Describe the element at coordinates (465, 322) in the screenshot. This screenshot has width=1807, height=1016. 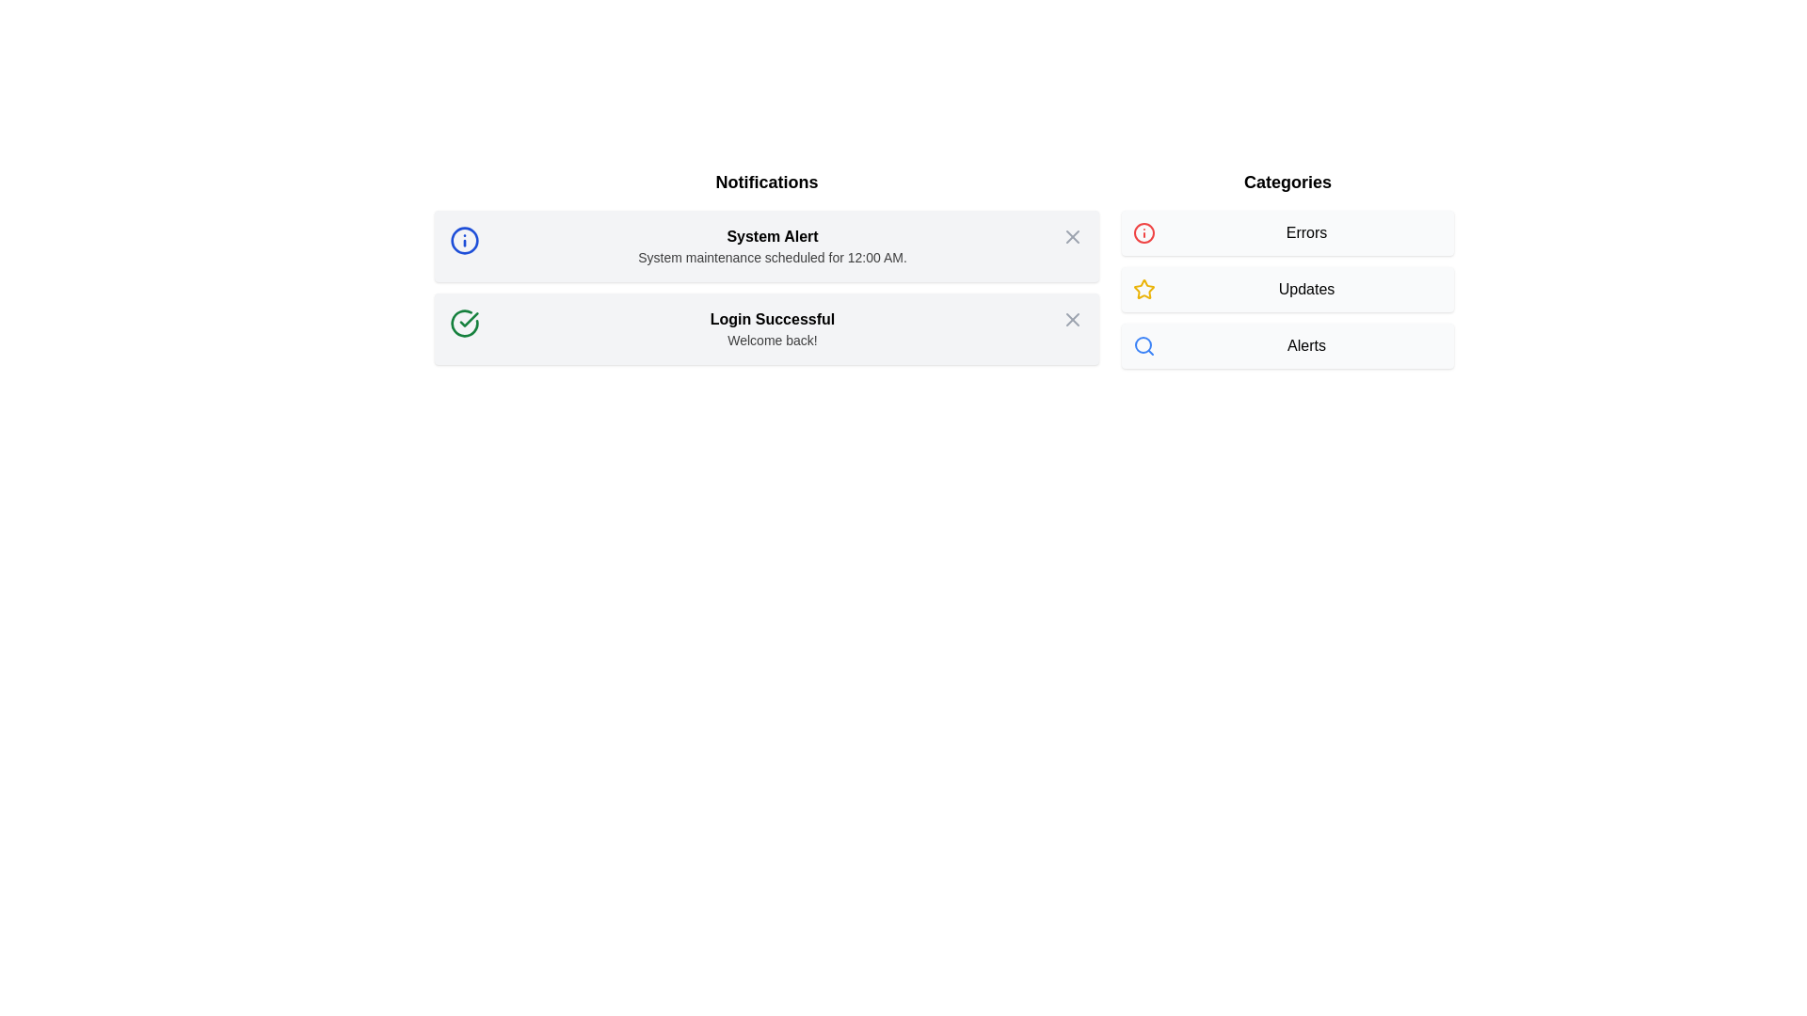
I see `the notification icon of type success` at that location.